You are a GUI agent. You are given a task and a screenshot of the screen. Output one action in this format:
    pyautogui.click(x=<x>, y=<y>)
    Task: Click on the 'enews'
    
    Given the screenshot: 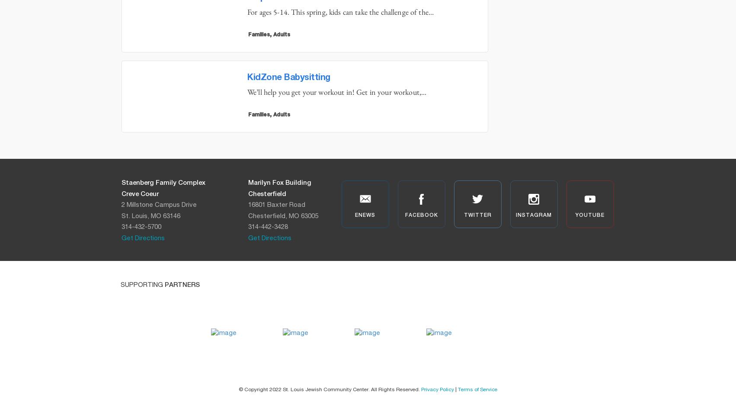 What is the action you would take?
    pyautogui.click(x=355, y=215)
    